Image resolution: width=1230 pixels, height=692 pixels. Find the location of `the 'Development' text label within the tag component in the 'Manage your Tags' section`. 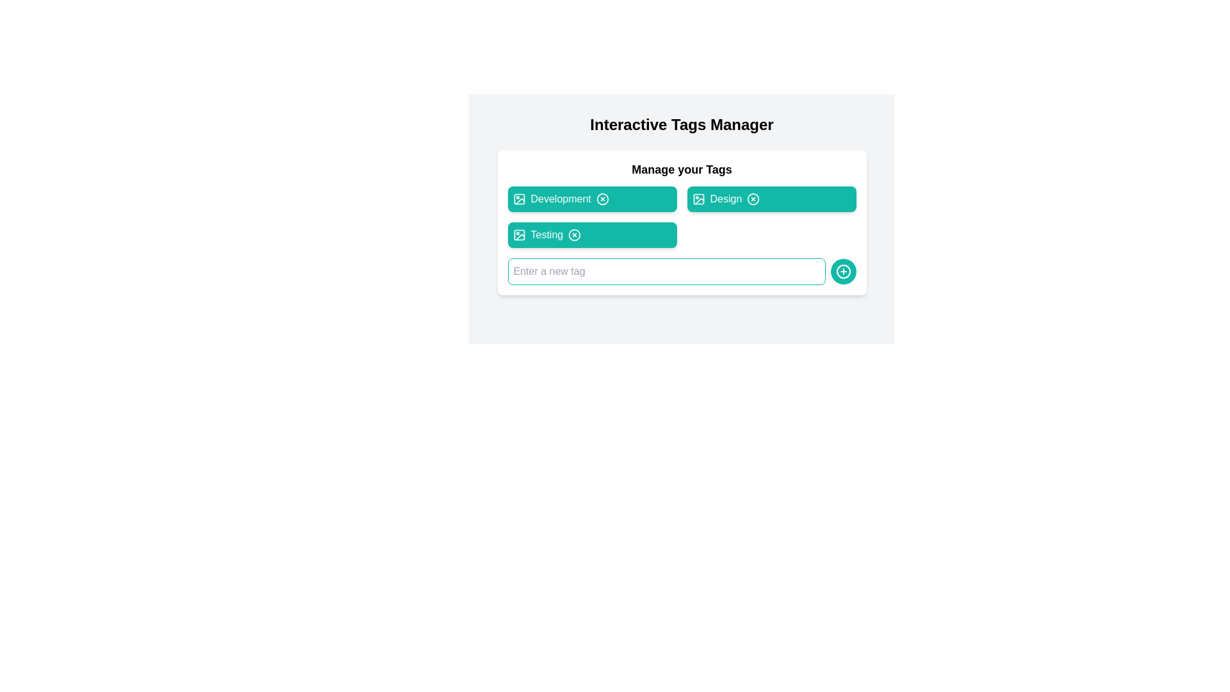

the 'Development' text label within the tag component in the 'Manage your Tags' section is located at coordinates (561, 199).